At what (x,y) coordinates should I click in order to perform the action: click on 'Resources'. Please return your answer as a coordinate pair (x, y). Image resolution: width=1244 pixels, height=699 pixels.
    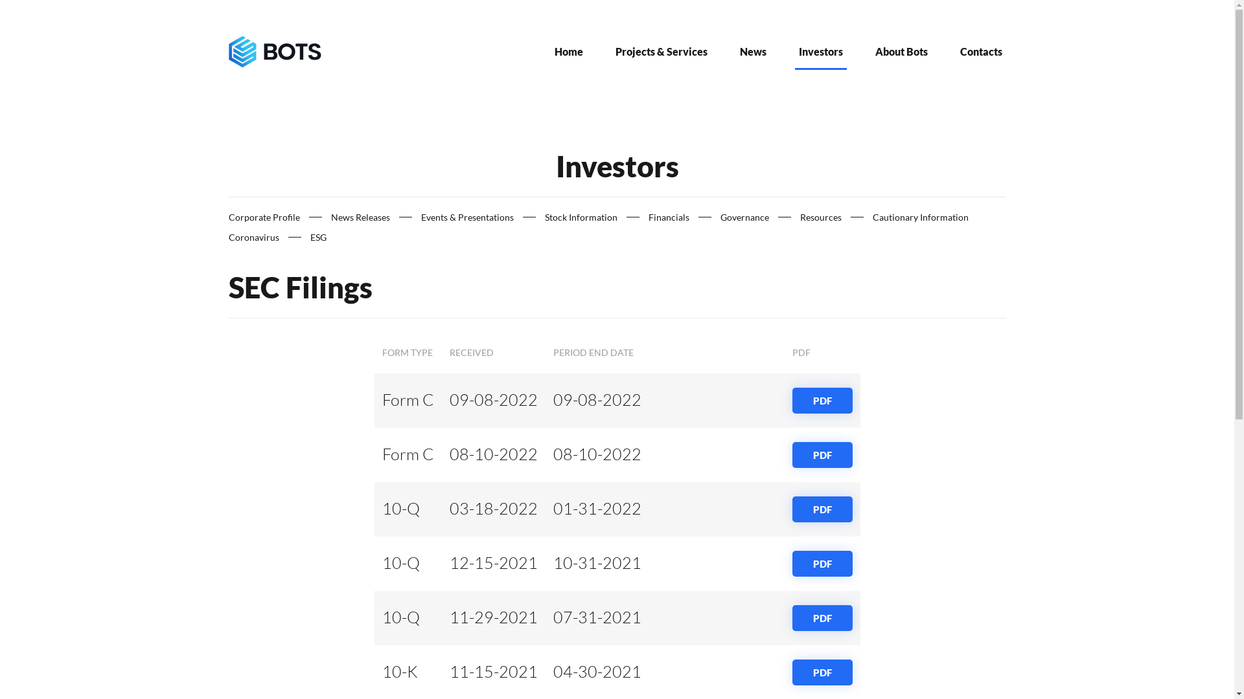
    Looking at the image, I should click on (798, 216).